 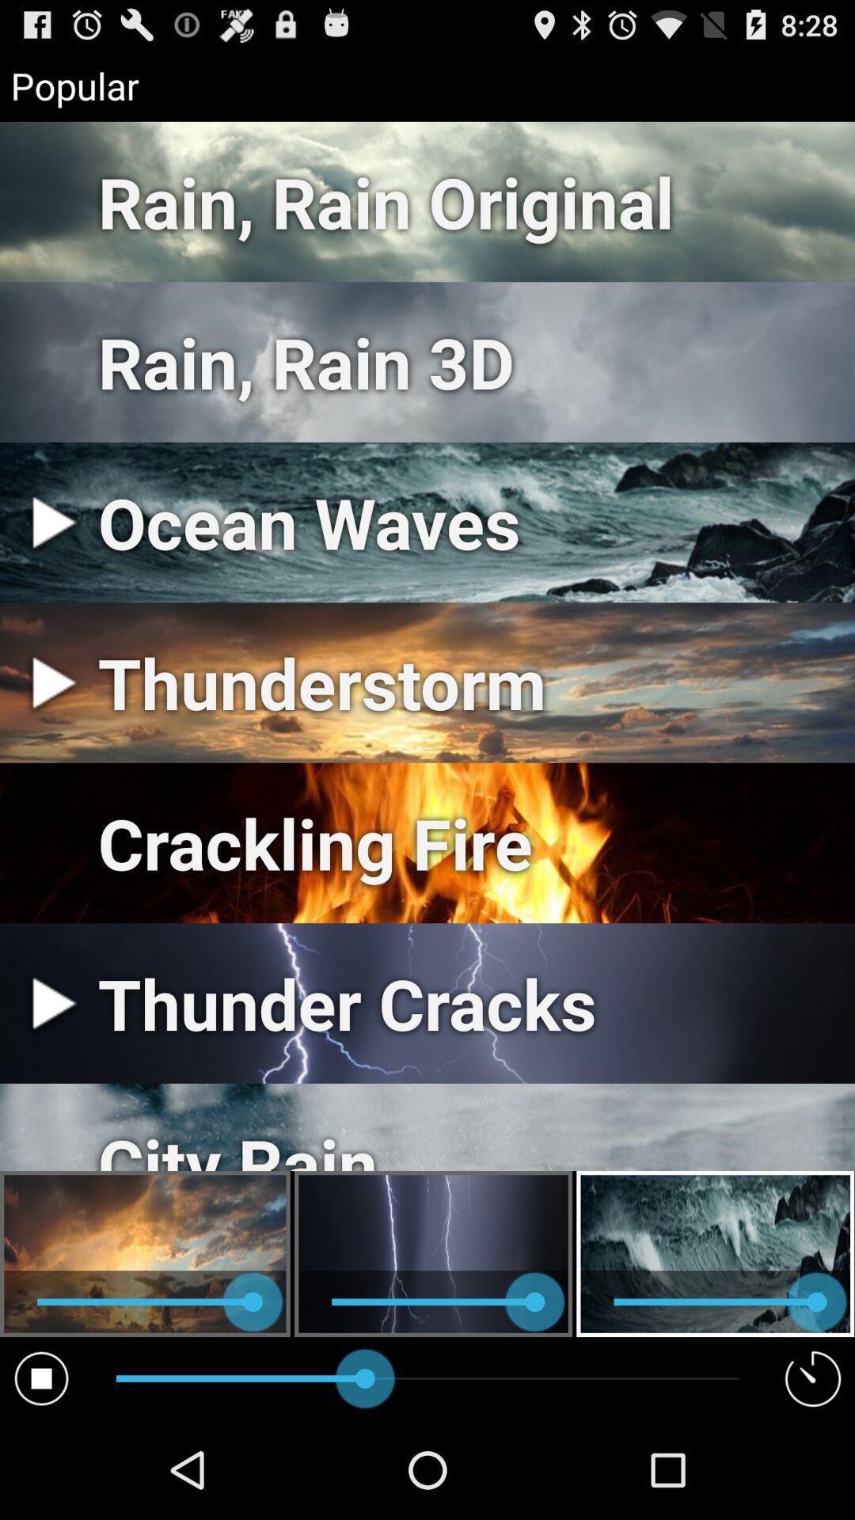 I want to click on the time icon, so click(x=813, y=1474).